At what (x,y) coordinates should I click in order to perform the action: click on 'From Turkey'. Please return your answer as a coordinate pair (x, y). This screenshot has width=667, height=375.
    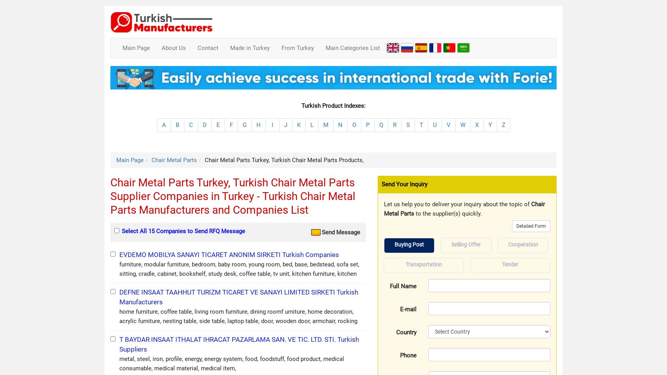
    Looking at the image, I should click on (297, 47).